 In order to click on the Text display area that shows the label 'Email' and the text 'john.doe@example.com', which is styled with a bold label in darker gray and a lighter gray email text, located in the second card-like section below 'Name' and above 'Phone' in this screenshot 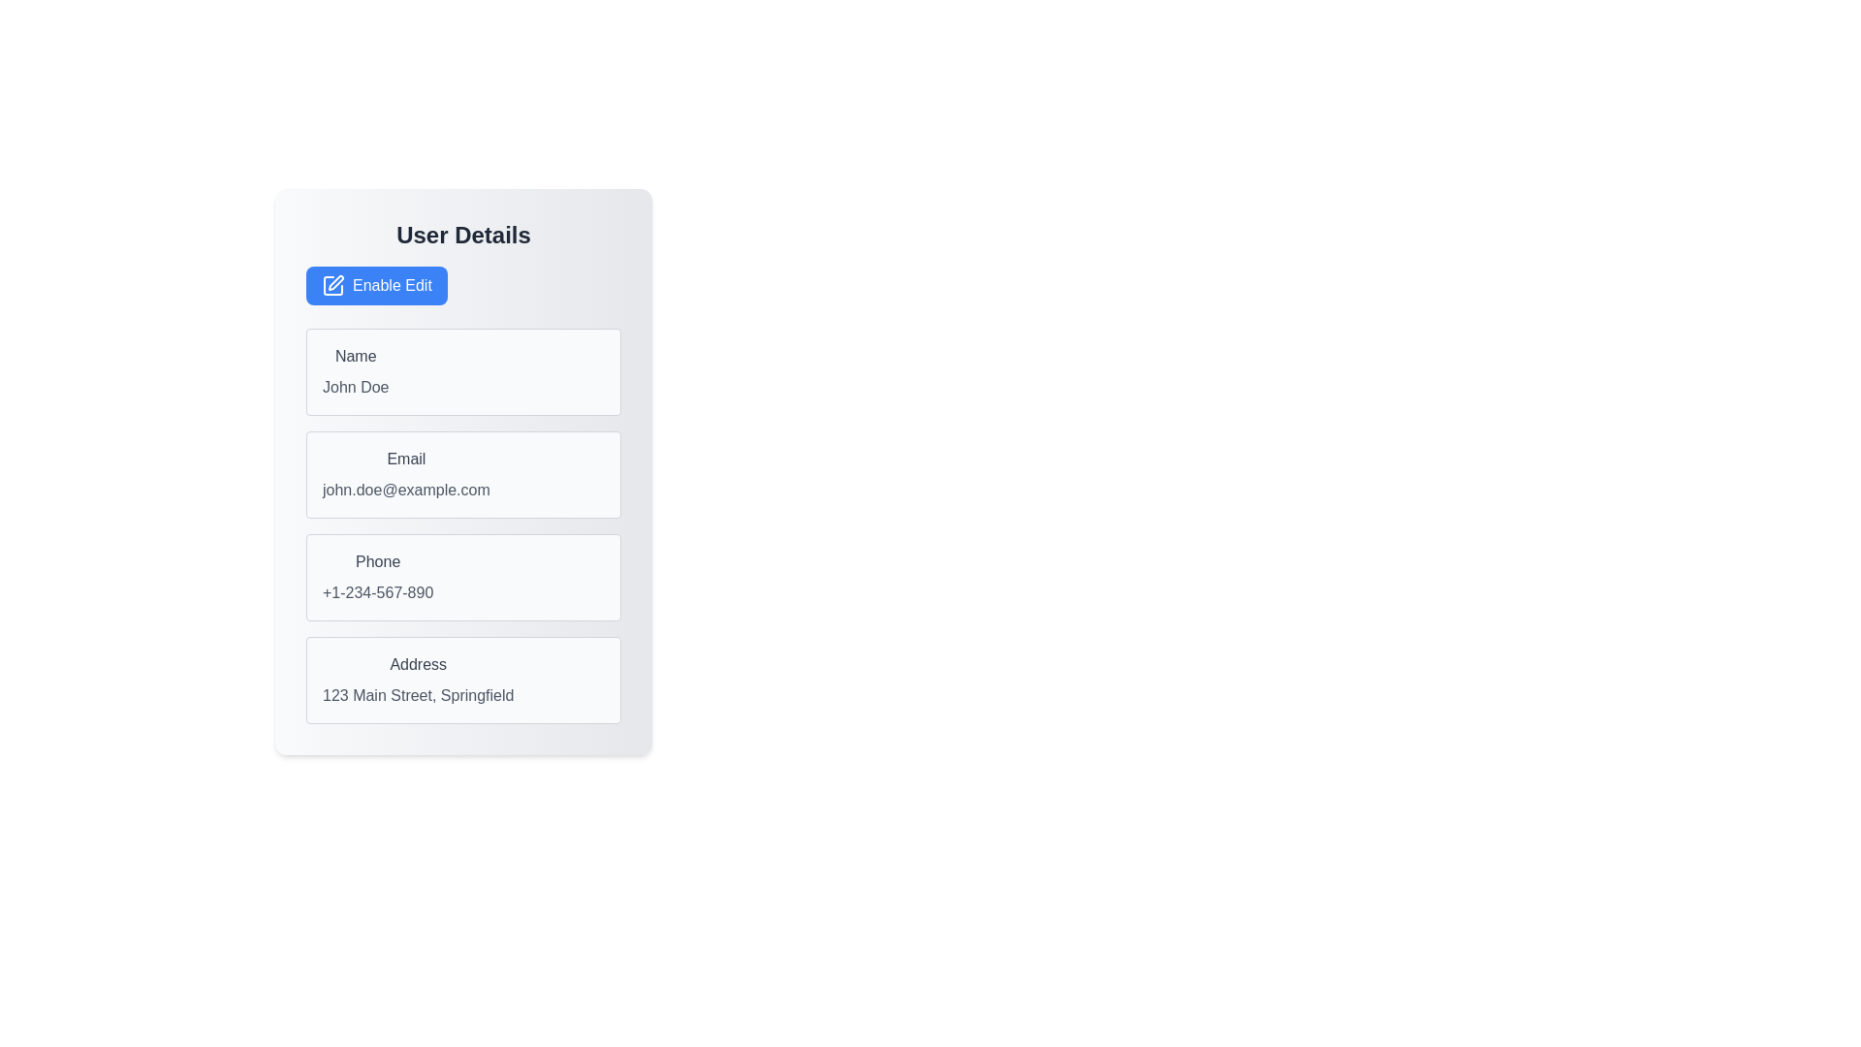, I will do `click(405, 474)`.